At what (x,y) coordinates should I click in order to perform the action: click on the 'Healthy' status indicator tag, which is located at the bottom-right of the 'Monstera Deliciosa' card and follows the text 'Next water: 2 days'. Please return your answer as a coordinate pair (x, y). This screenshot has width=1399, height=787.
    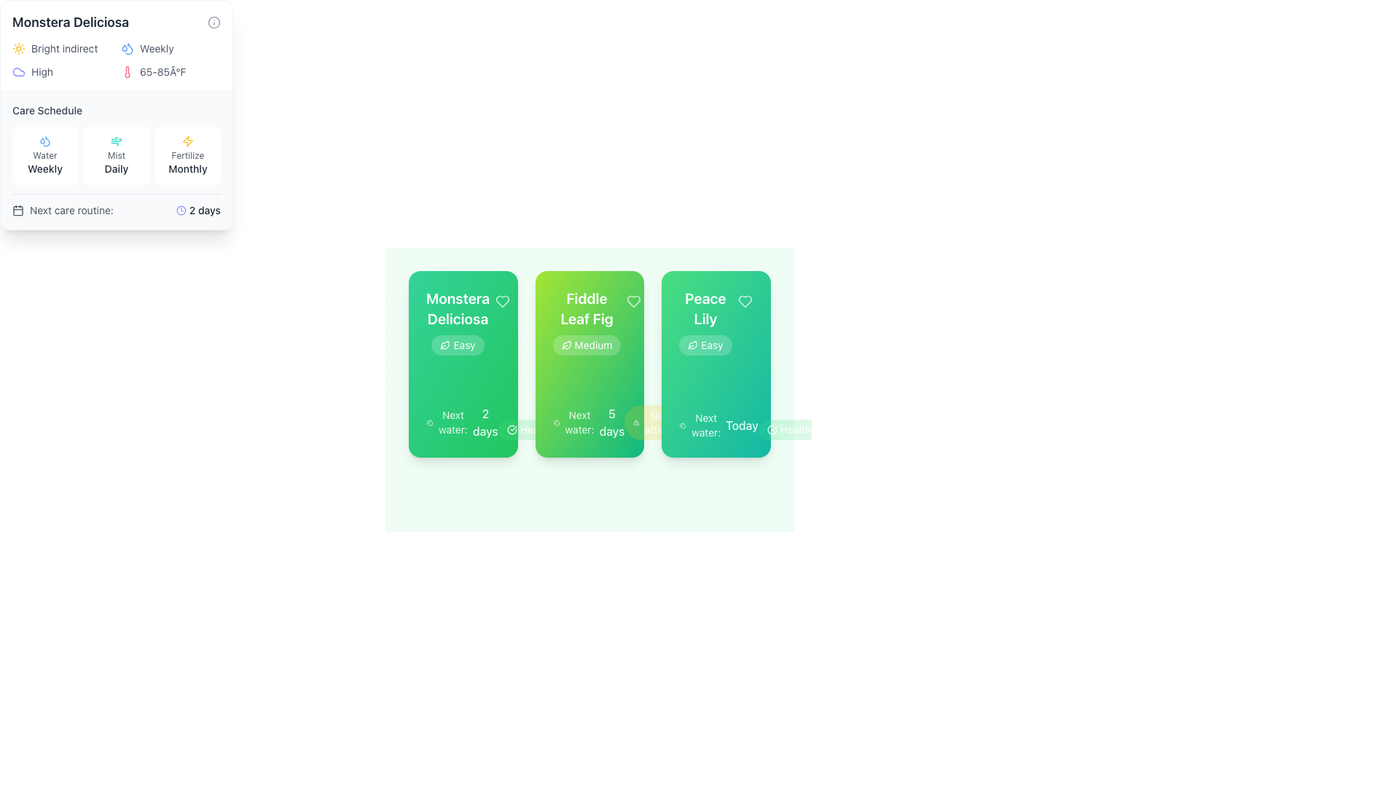
    Looking at the image, I should click on (530, 429).